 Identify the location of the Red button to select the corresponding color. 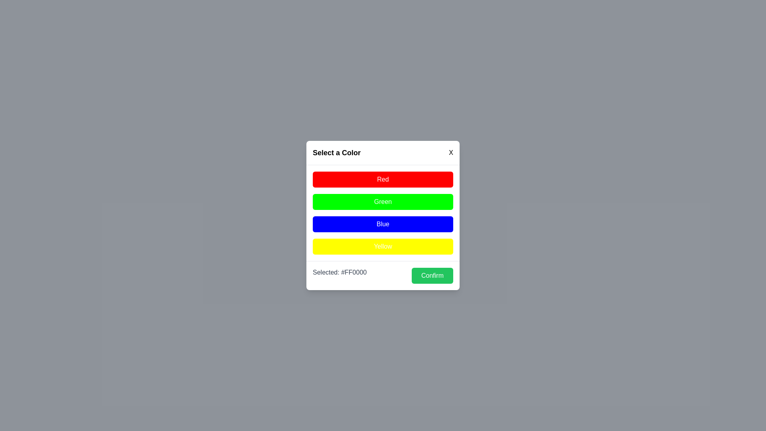
(383, 180).